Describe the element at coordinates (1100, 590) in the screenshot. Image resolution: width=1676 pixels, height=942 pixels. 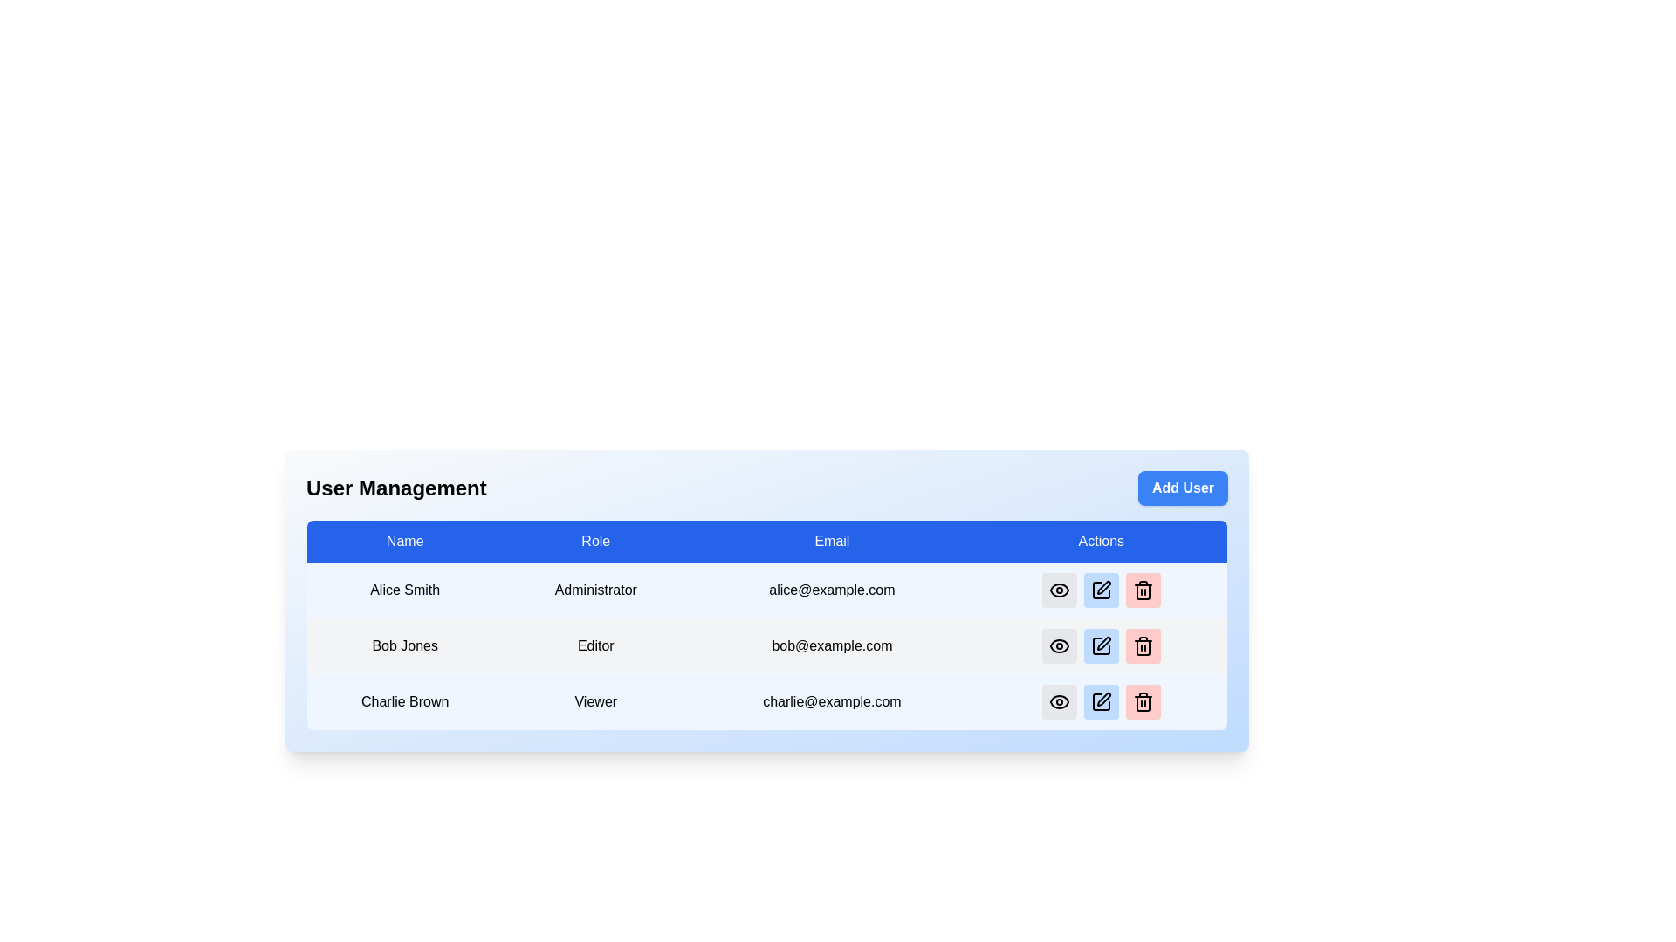
I see `the edit icon button with a blue background and a pen outline located in the 'Actions' column of the first row in the user list table` at that location.